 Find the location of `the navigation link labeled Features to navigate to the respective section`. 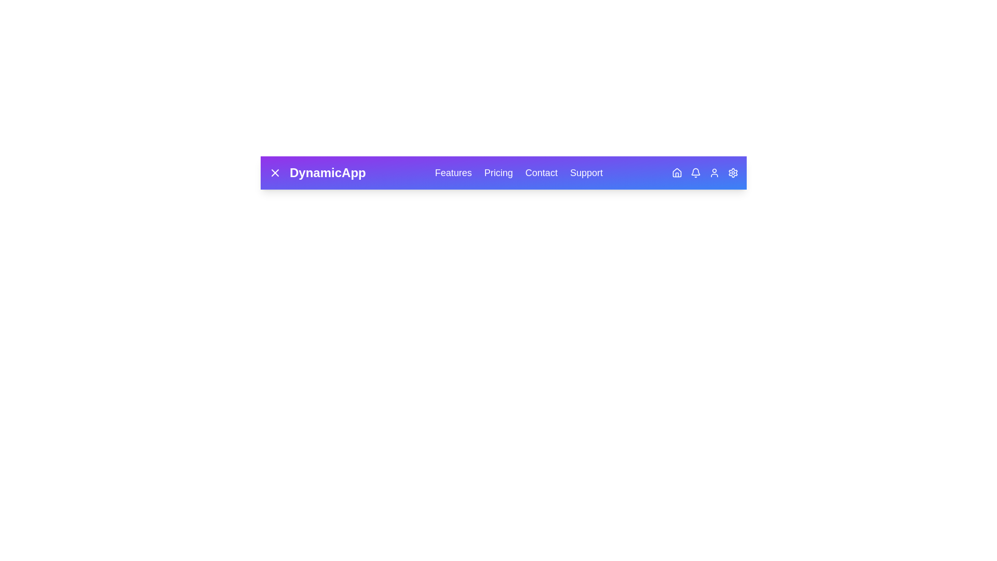

the navigation link labeled Features to navigate to the respective section is located at coordinates (453, 172).